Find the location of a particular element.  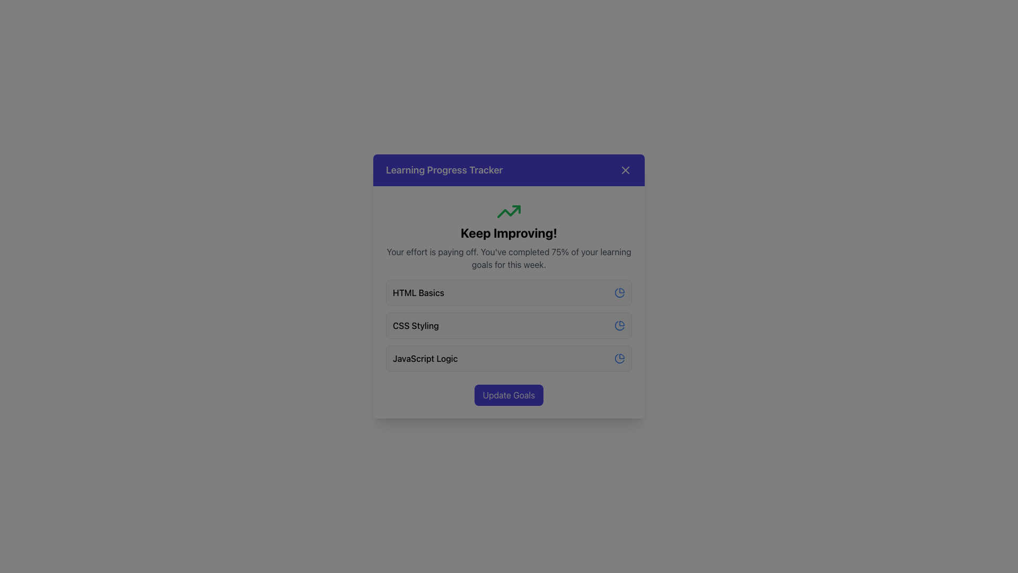

the pie chart icon with a blue tint located in the second row, adjacent to the CSS Styling label is located at coordinates (619, 325).